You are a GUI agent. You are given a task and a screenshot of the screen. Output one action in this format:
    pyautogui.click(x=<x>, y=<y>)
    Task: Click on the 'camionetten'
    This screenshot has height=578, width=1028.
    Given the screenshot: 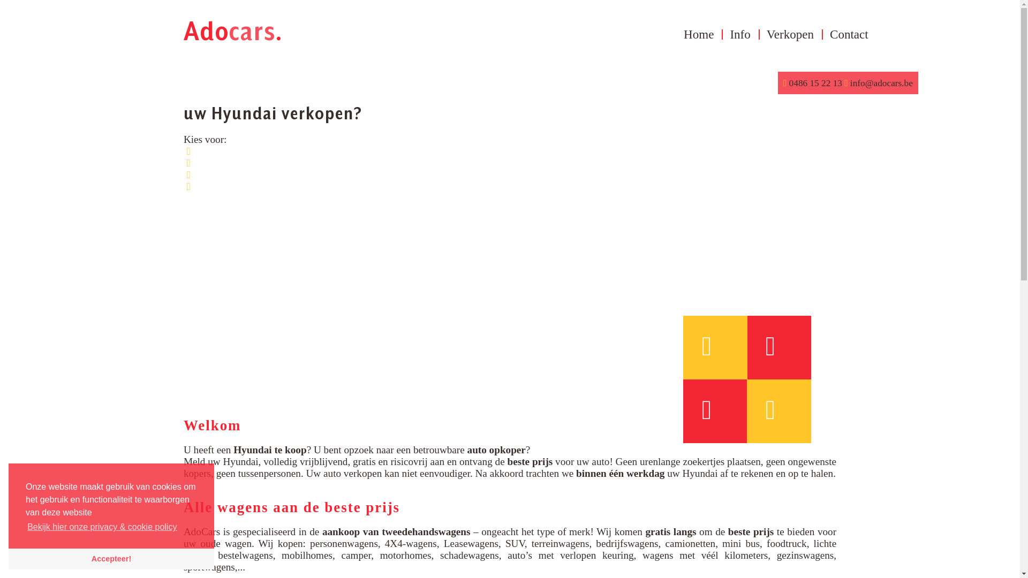 What is the action you would take?
    pyautogui.click(x=664, y=543)
    